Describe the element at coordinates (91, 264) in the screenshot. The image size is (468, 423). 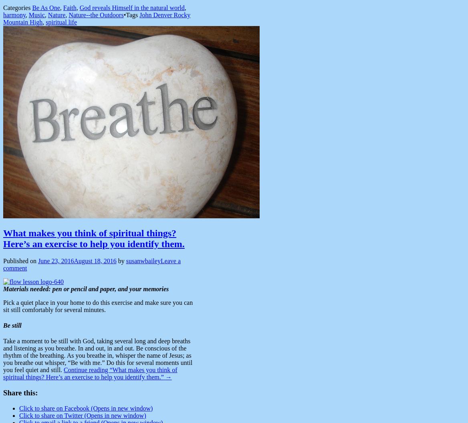
I see `'Leave a comment'` at that location.